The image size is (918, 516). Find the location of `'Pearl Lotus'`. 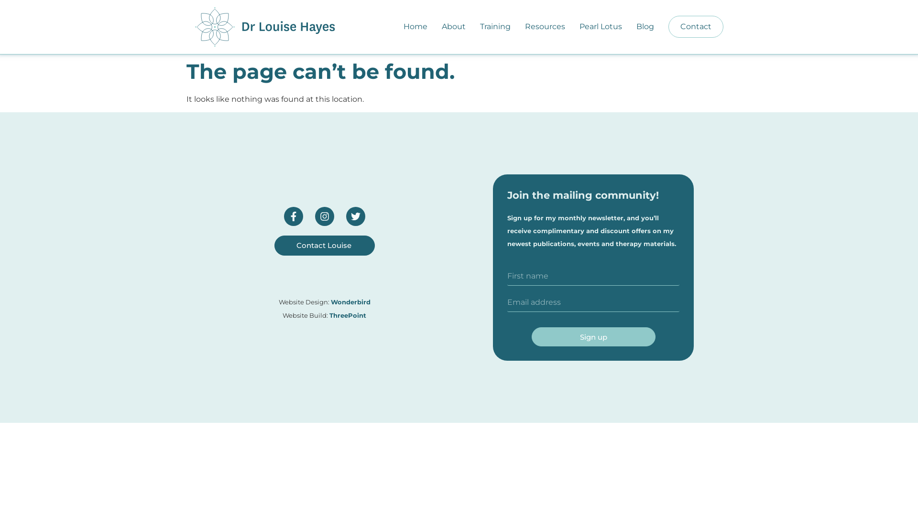

'Pearl Lotus' is located at coordinates (600, 26).